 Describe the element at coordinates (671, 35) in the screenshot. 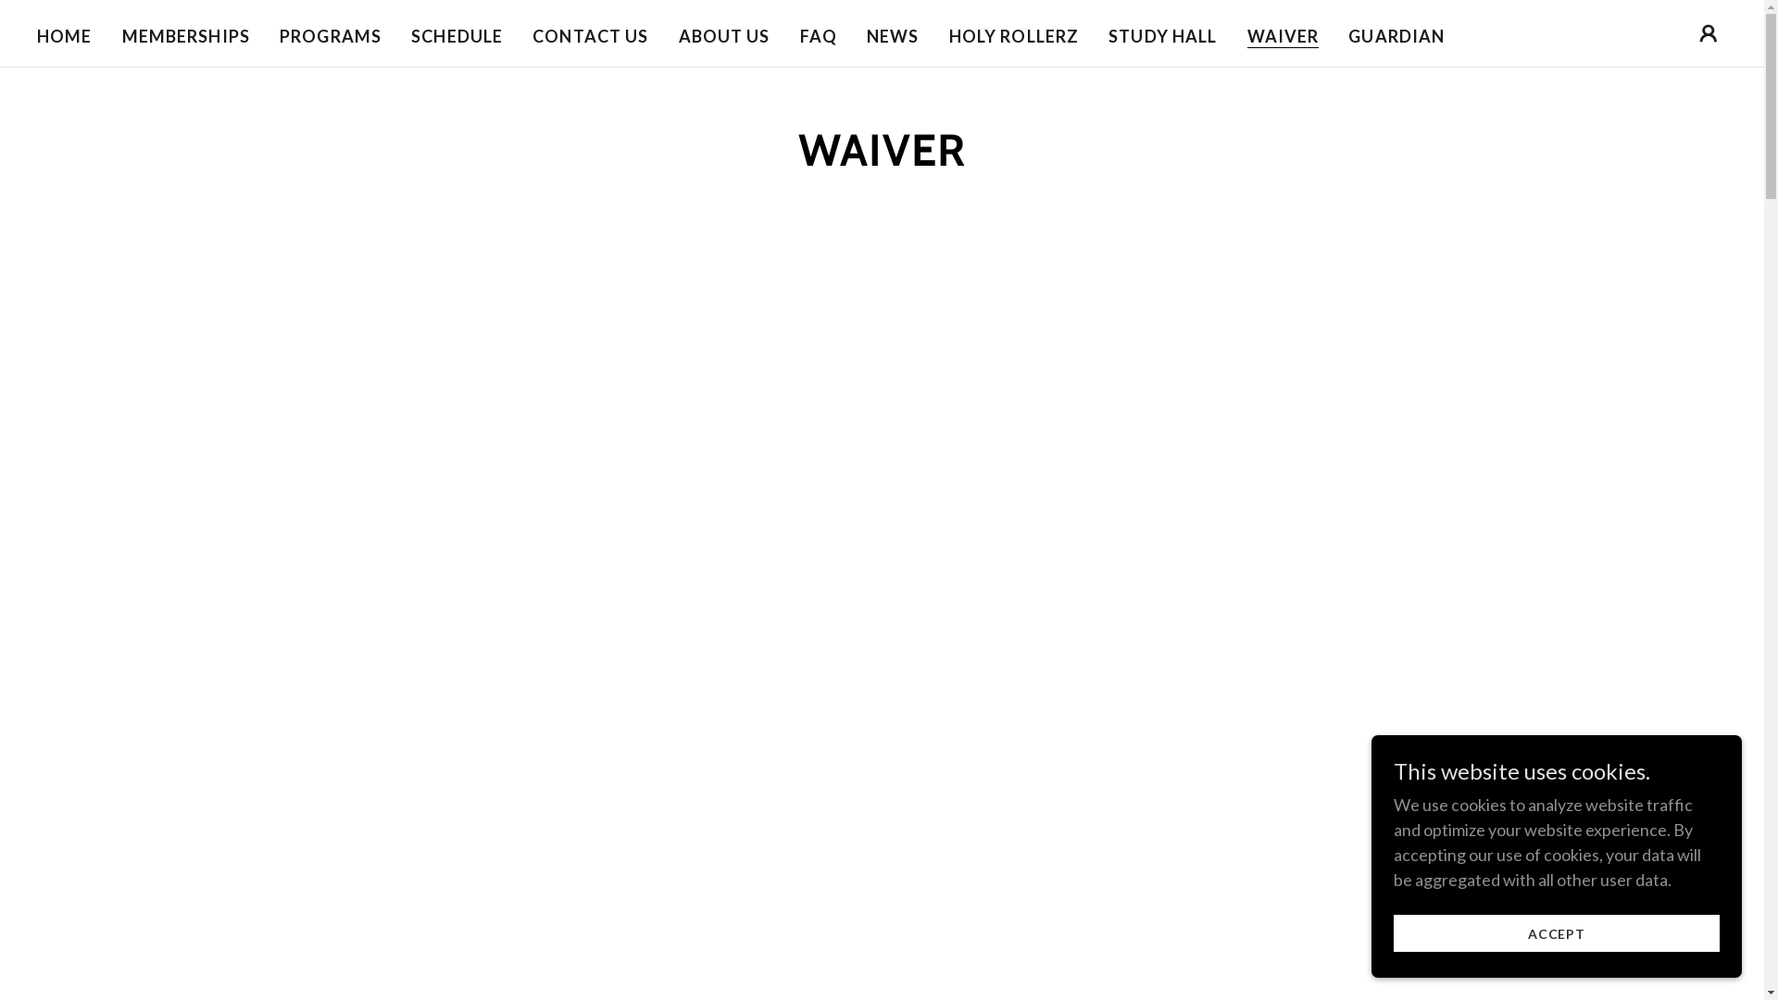

I see `'ABOUT US'` at that location.